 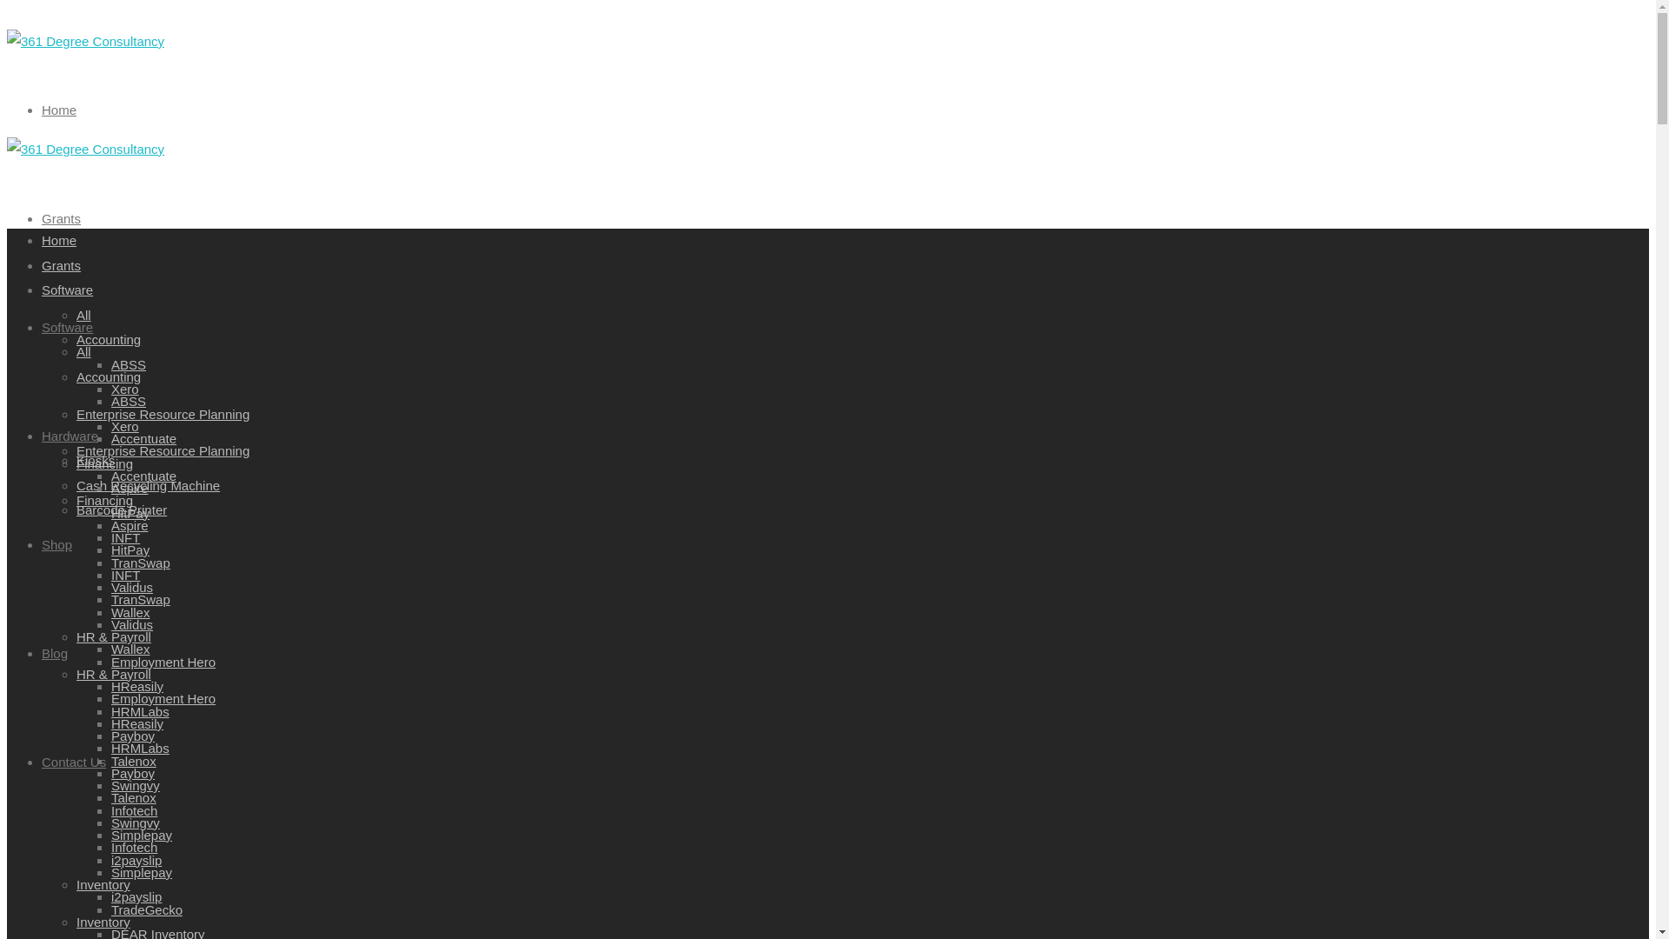 What do you see at coordinates (142, 871) in the screenshot?
I see `'Simplepay'` at bounding box center [142, 871].